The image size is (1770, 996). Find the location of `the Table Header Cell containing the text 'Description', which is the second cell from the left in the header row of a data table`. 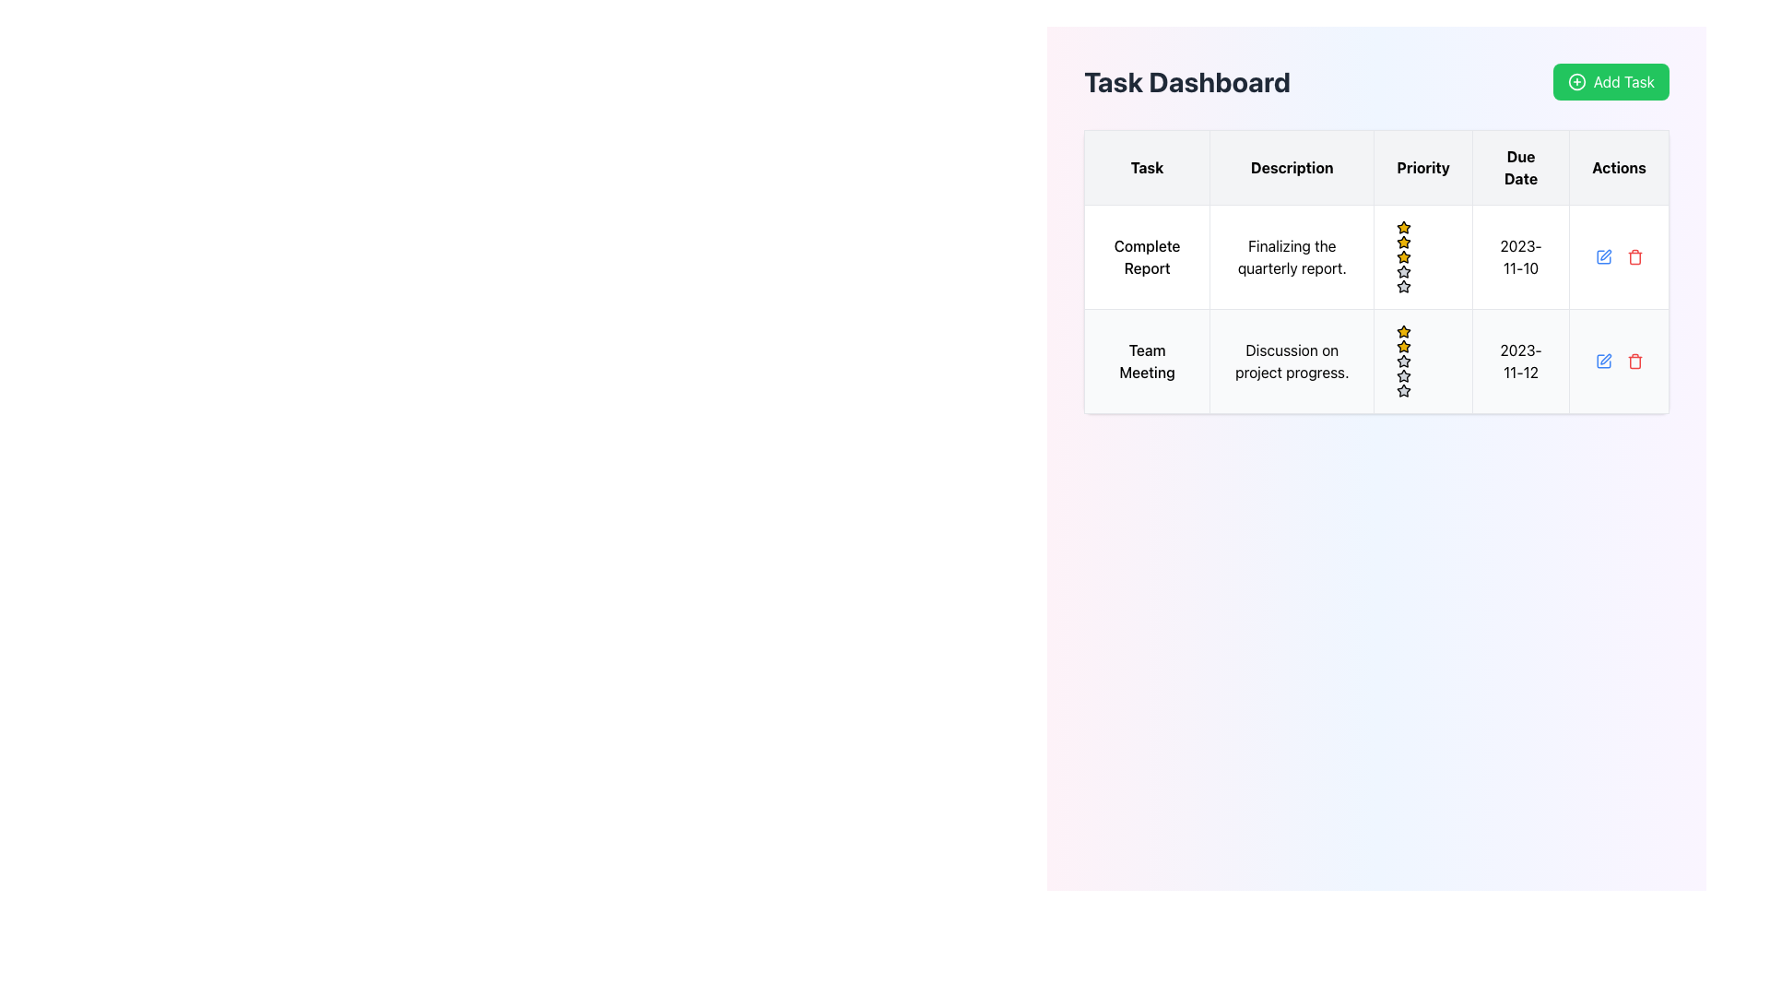

the Table Header Cell containing the text 'Description', which is the second cell from the left in the header row of a data table is located at coordinates (1291, 167).